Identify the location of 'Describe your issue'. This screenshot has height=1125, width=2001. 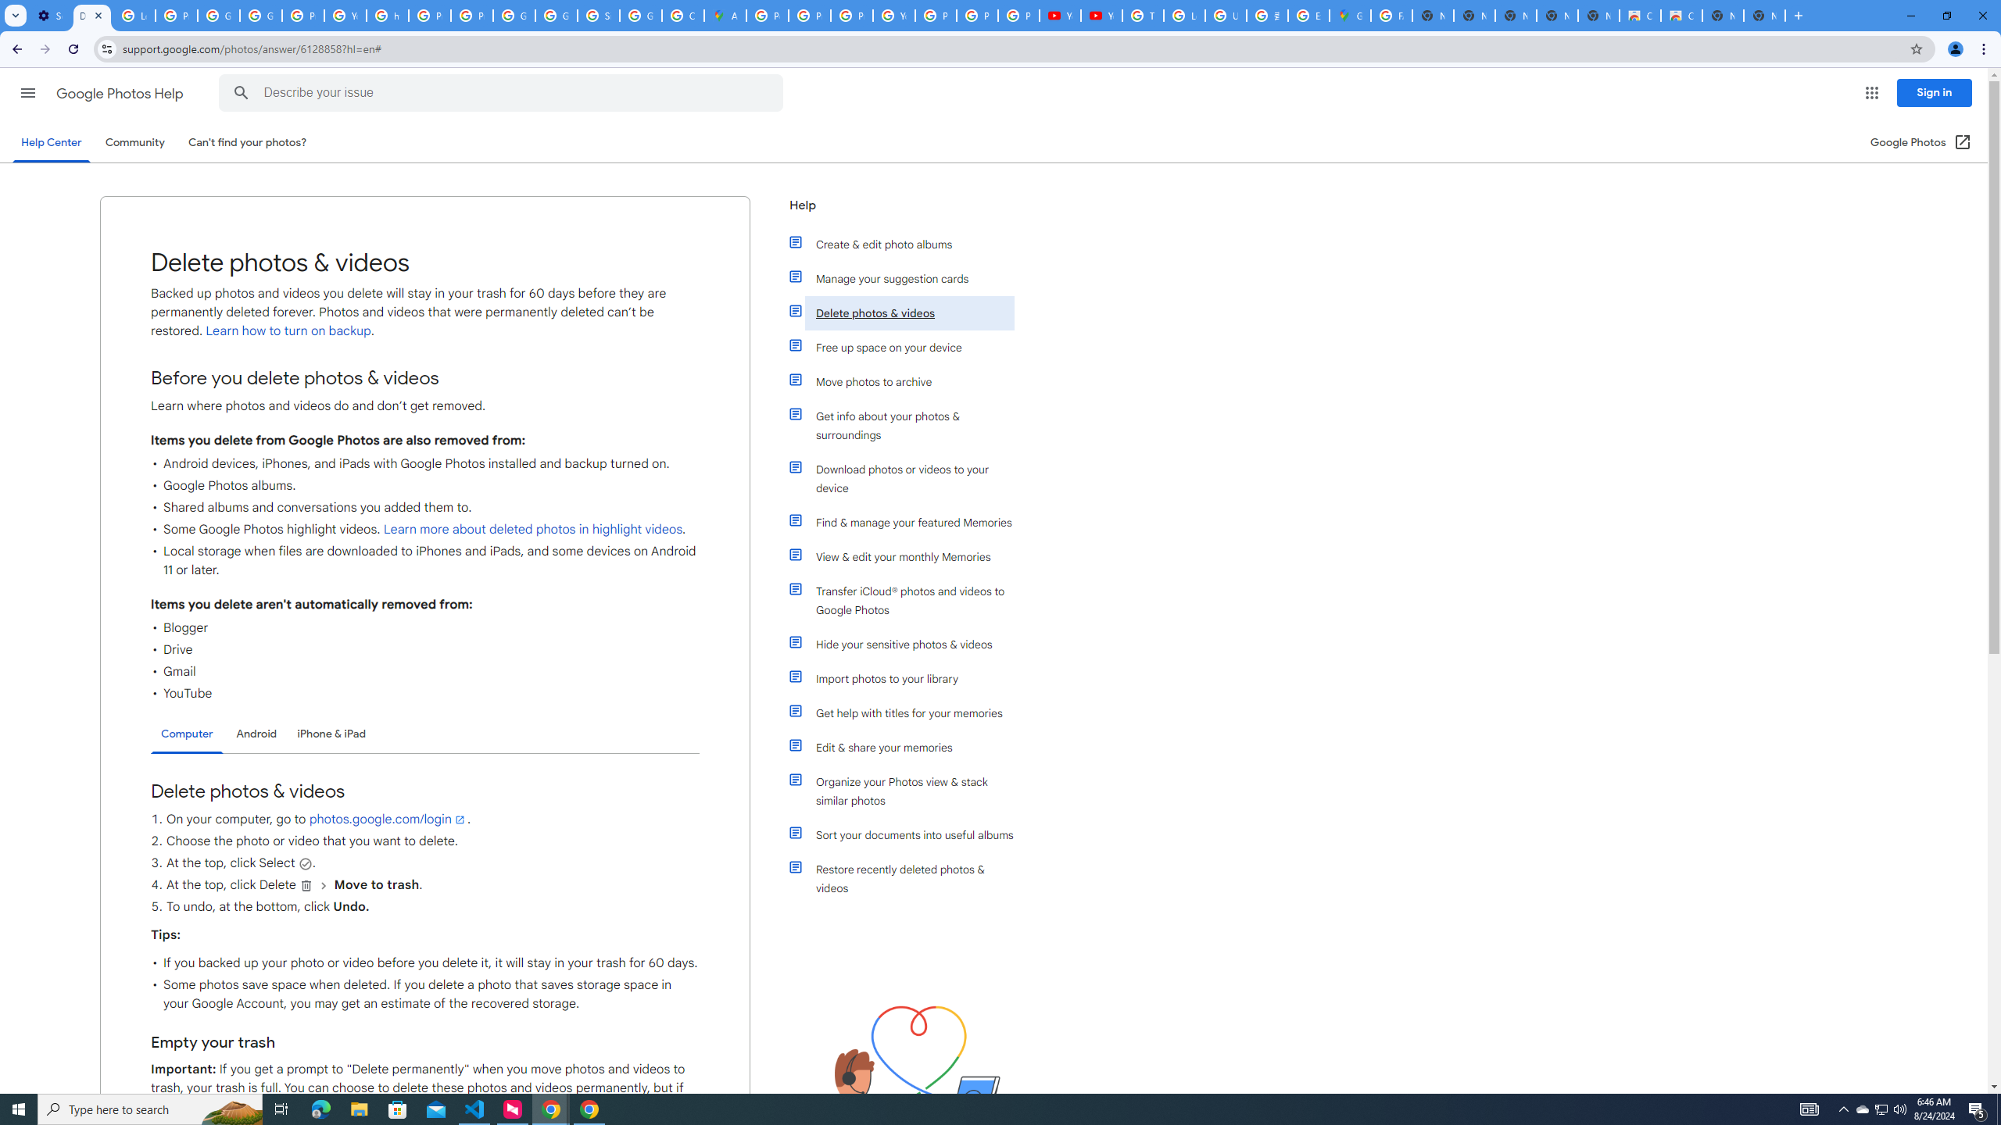
(503, 92).